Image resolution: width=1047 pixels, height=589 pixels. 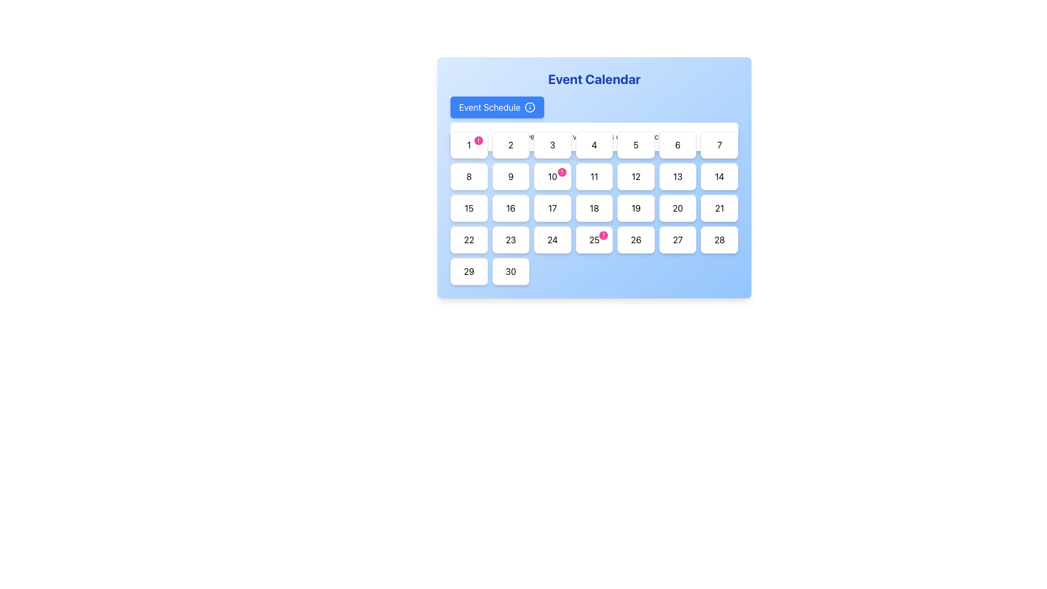 I want to click on the card representing the tenth day in the Event Calendar grid, which displays the number '10' and may have a badge indicating a special event, so click(x=552, y=176).